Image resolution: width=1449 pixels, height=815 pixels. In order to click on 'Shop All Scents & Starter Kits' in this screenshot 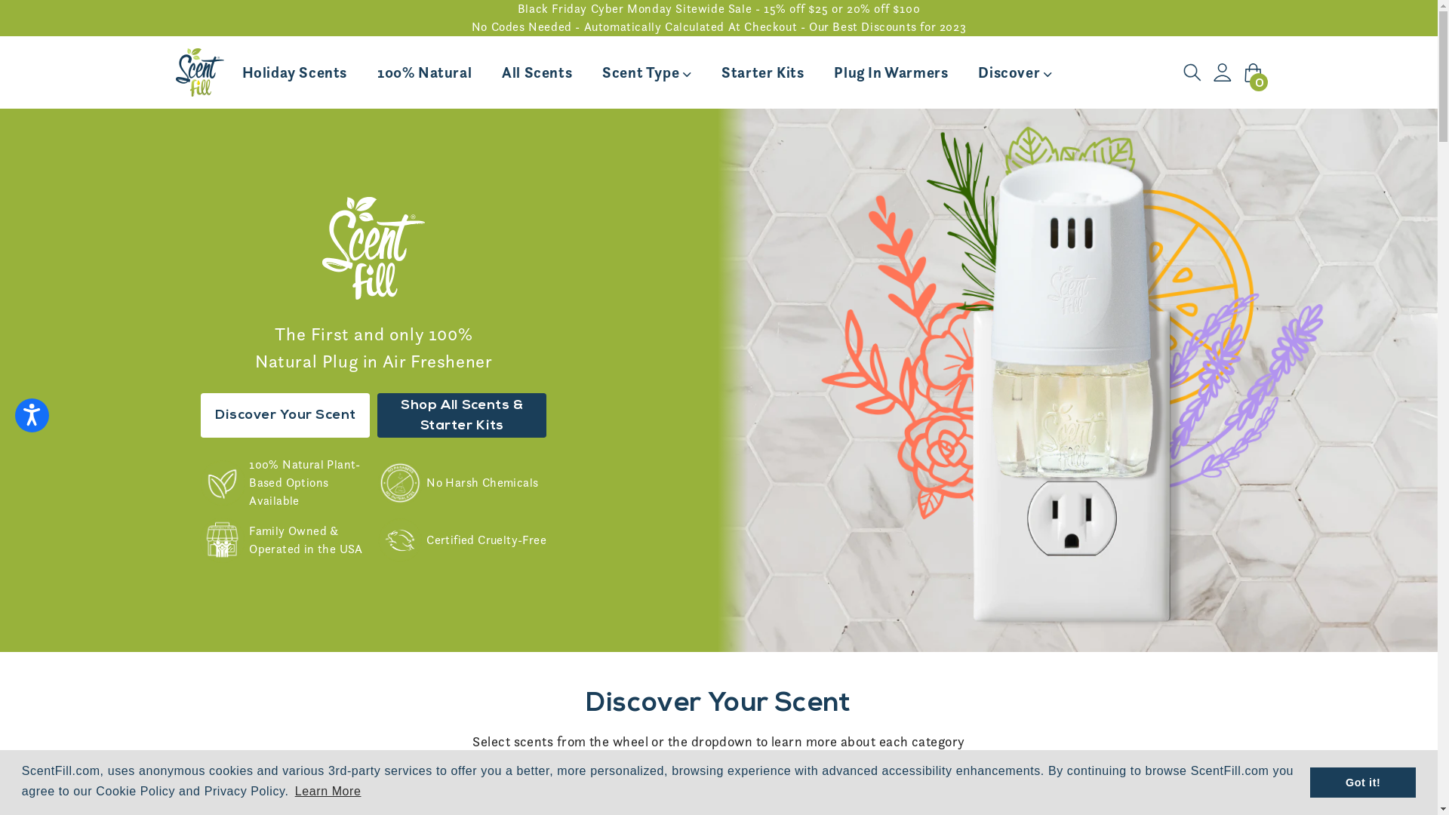, I will do `click(377, 415)`.